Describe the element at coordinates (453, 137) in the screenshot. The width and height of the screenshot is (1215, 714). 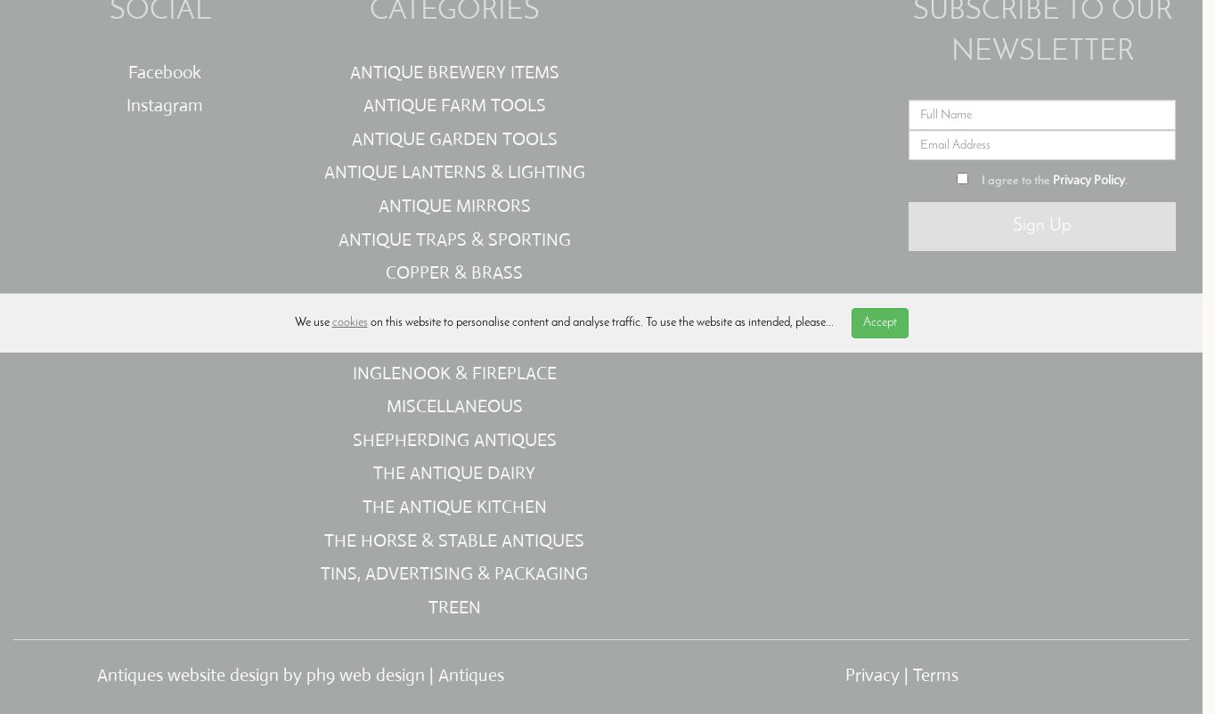
I see `'ANTIQUE GARDEN TOOLS'` at that location.